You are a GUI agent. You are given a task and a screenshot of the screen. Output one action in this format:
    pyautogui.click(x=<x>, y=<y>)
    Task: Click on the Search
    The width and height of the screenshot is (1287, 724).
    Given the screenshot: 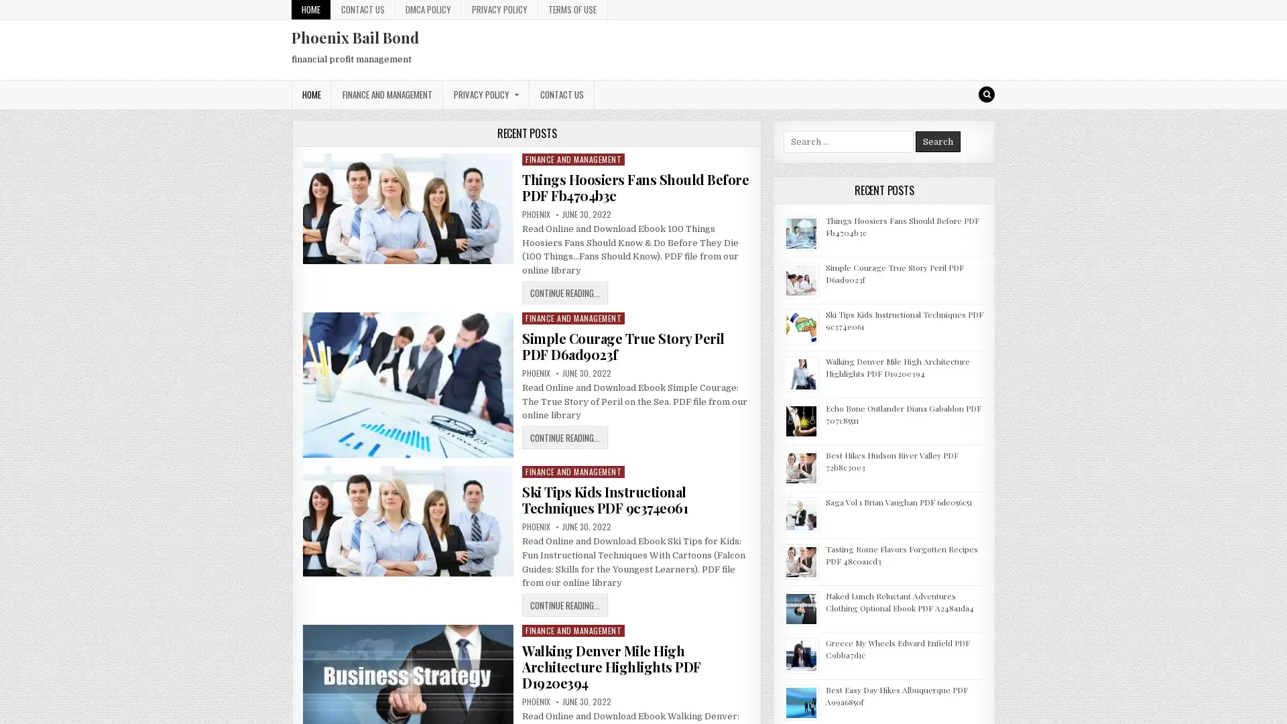 What is the action you would take?
    pyautogui.click(x=937, y=141)
    